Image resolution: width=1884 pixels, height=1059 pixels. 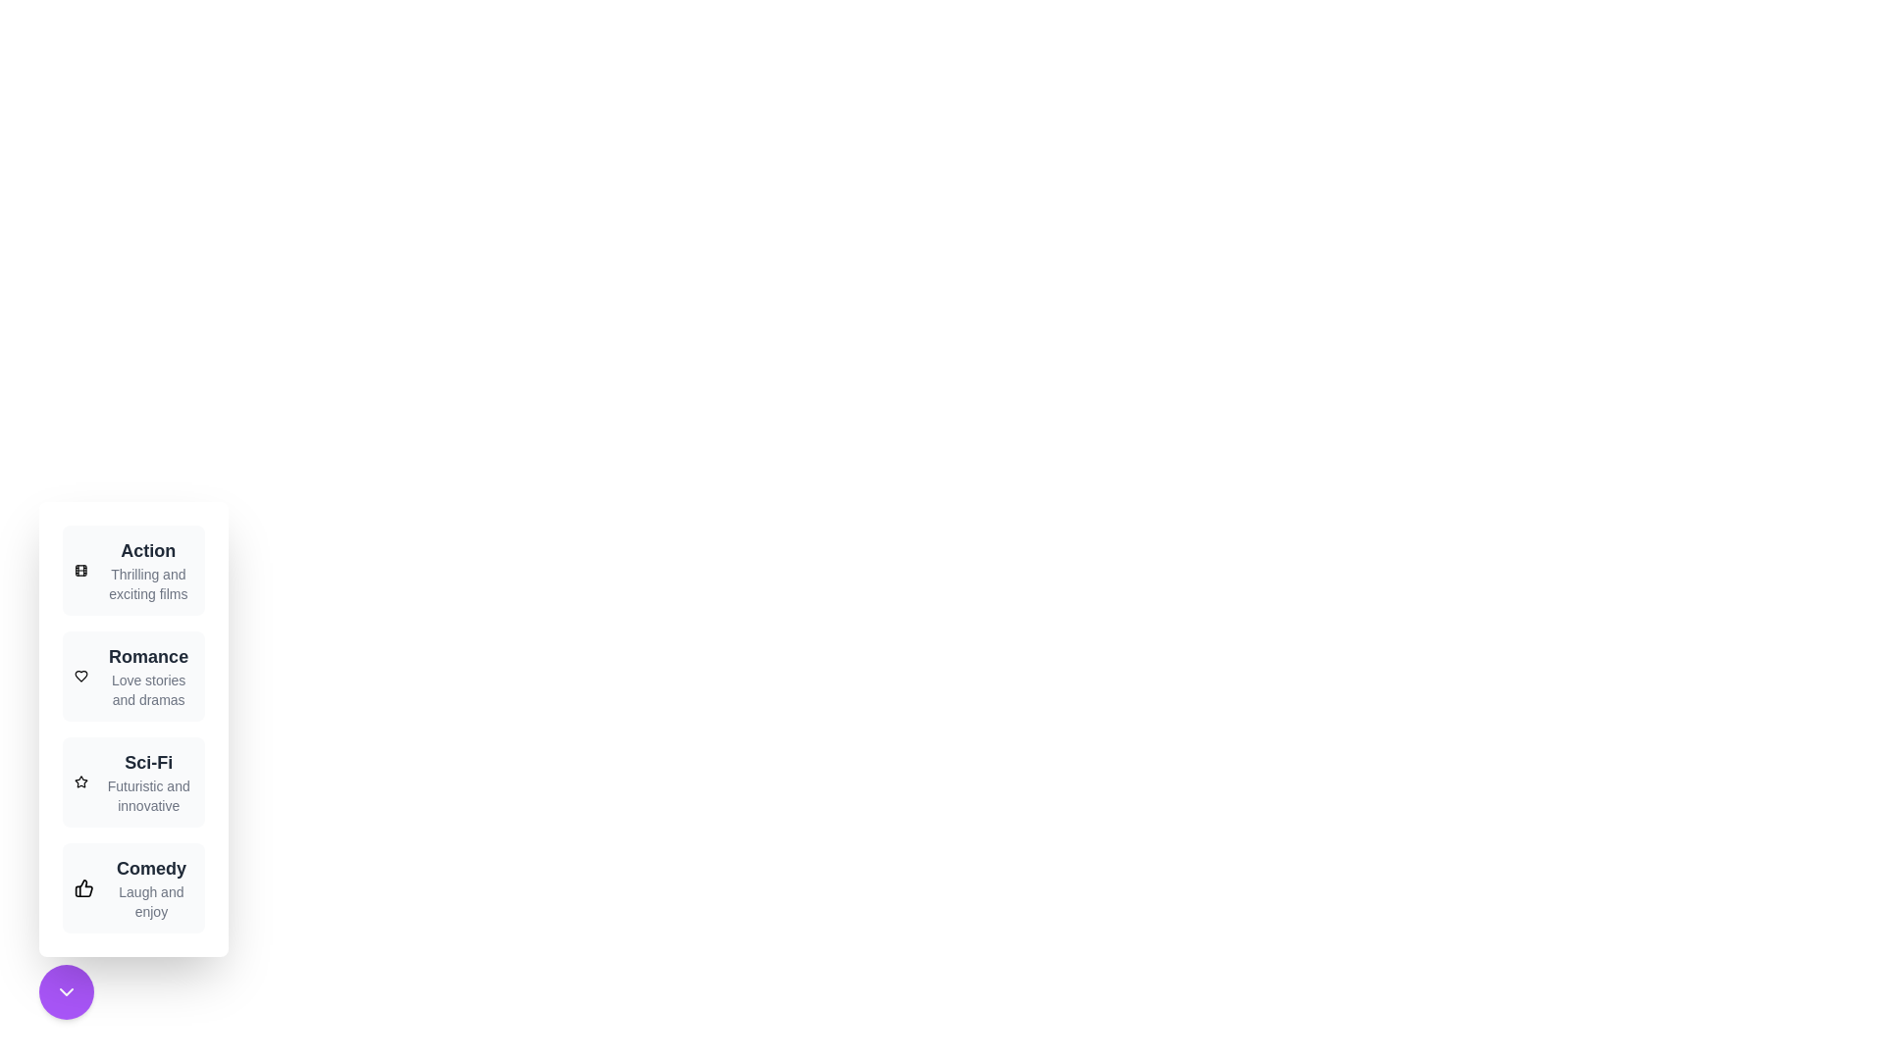 I want to click on the genre Comedy to view its details, so click(x=131, y=888).